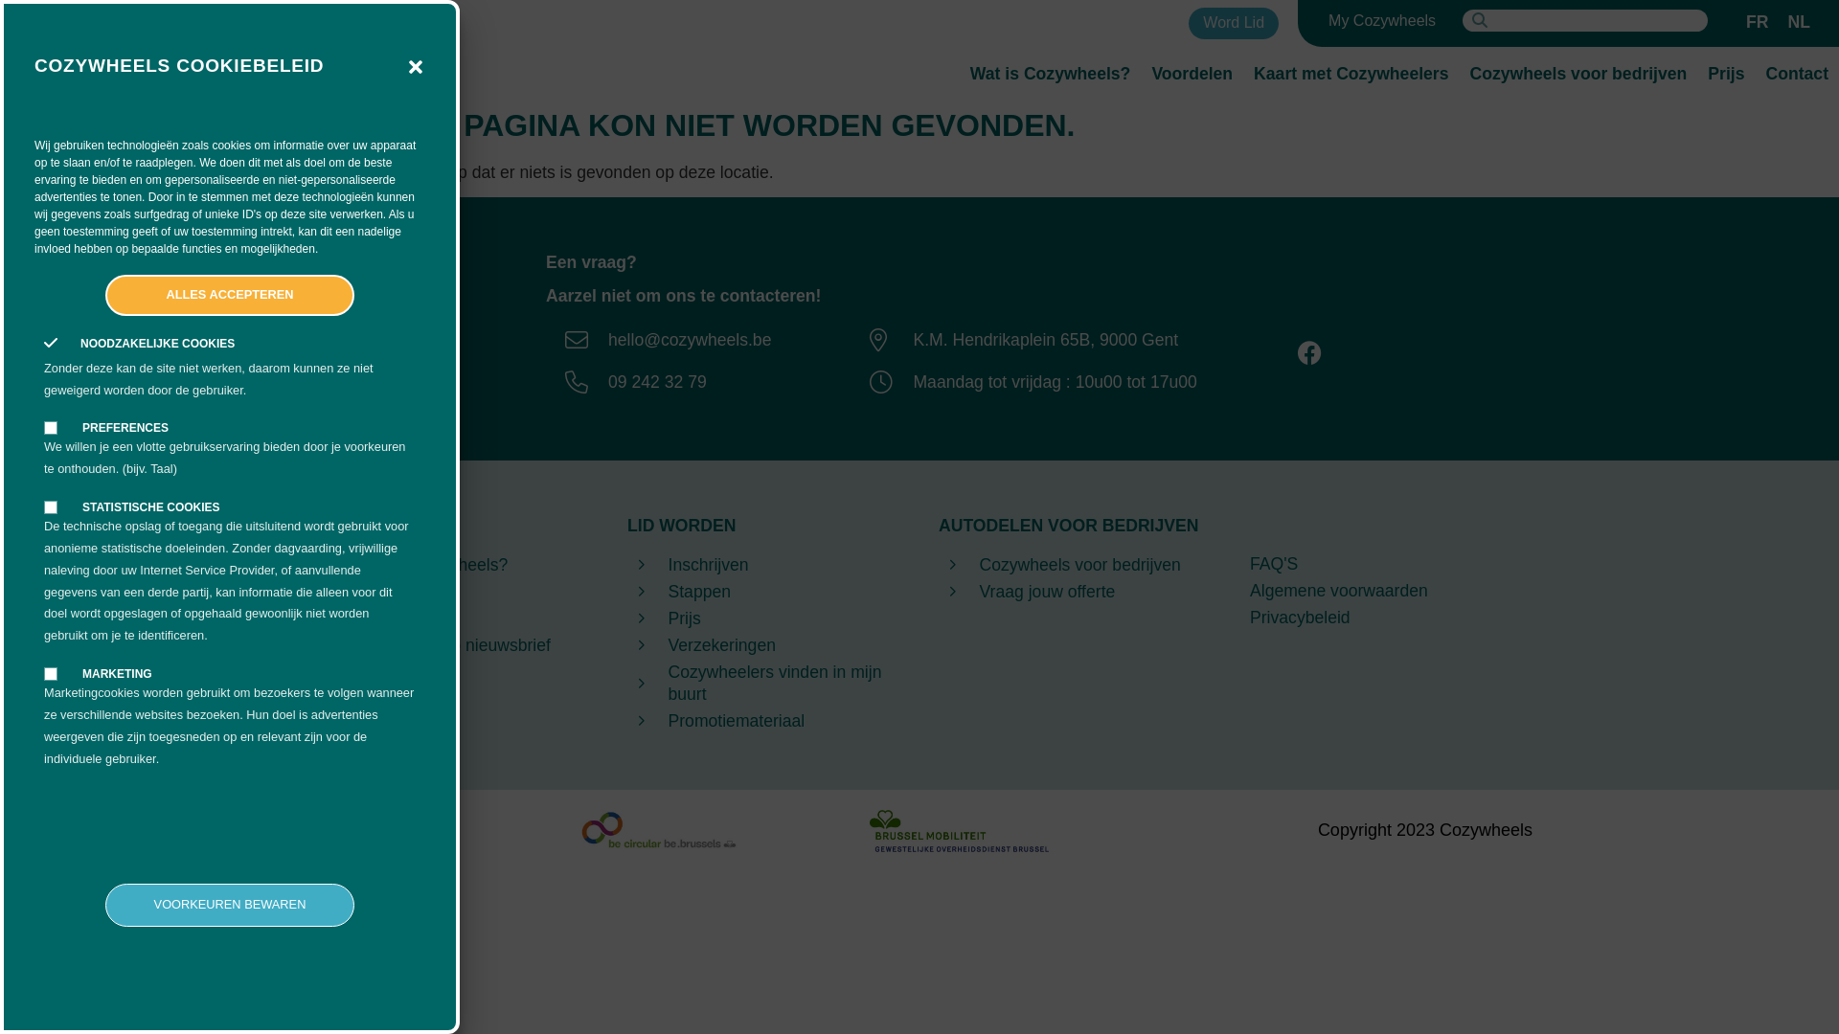 Image resolution: width=1839 pixels, height=1034 pixels. Describe the element at coordinates (663, 381) in the screenshot. I see `'09 242 32 79'` at that location.